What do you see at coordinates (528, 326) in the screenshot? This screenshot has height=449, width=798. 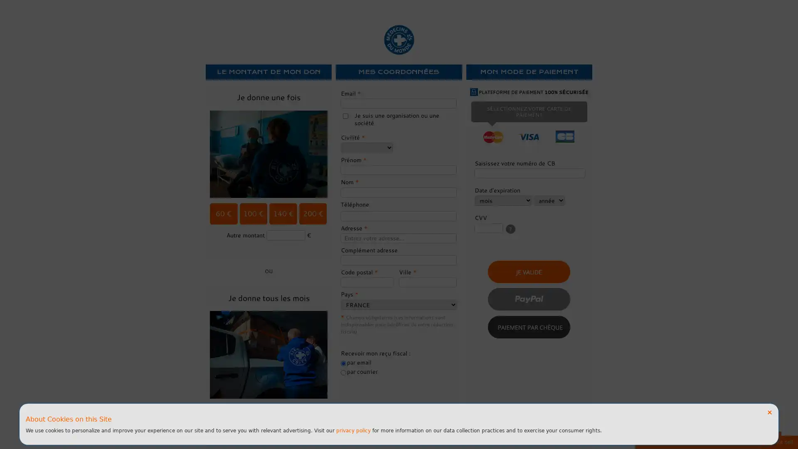 I see `Cheque` at bounding box center [528, 326].